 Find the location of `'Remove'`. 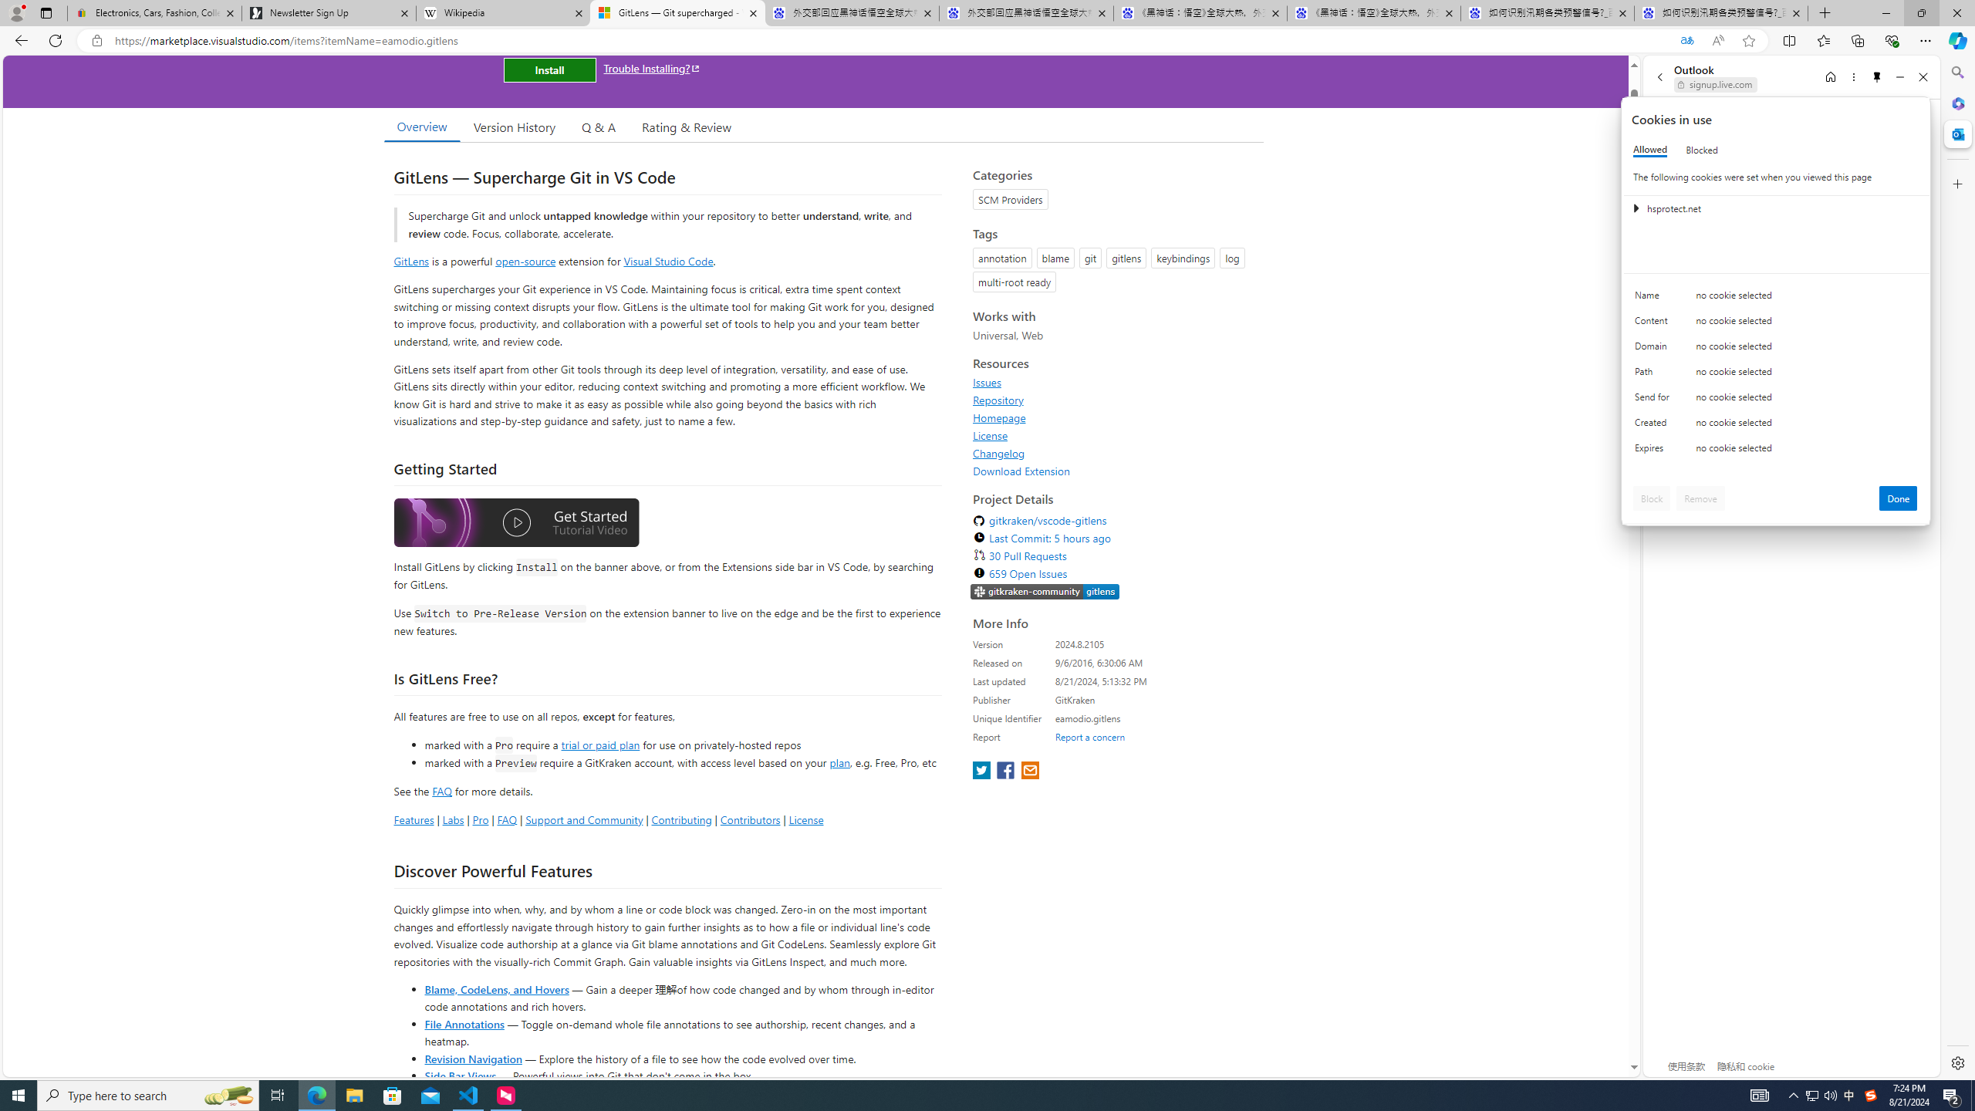

'Remove' is located at coordinates (1700, 498).